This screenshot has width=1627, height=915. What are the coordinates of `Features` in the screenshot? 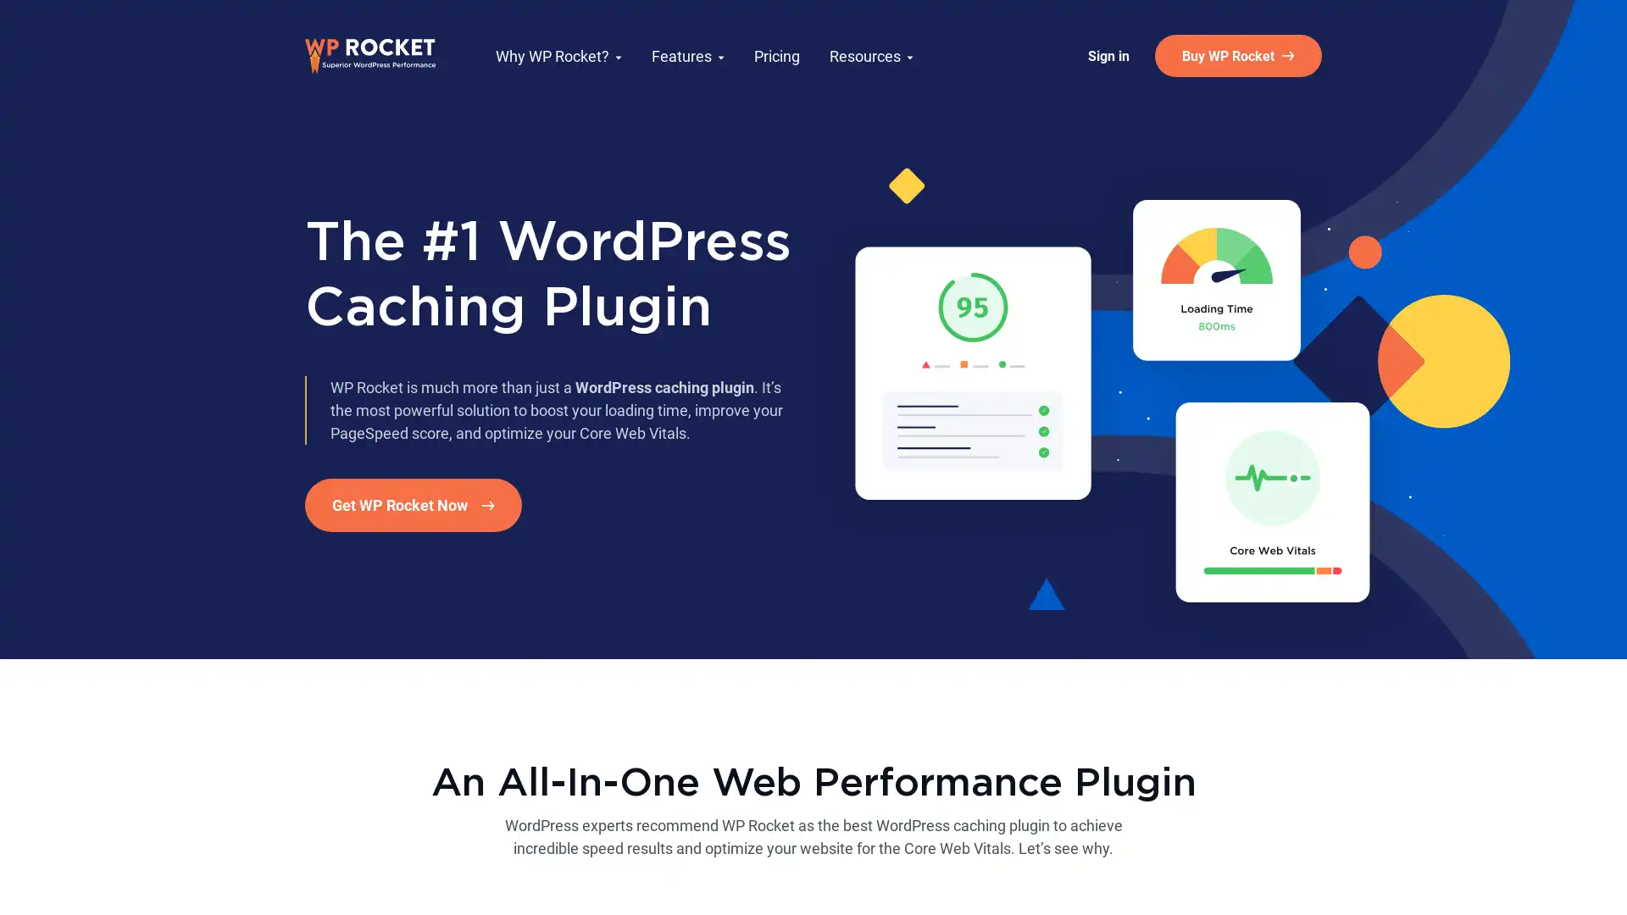 It's located at (687, 54).